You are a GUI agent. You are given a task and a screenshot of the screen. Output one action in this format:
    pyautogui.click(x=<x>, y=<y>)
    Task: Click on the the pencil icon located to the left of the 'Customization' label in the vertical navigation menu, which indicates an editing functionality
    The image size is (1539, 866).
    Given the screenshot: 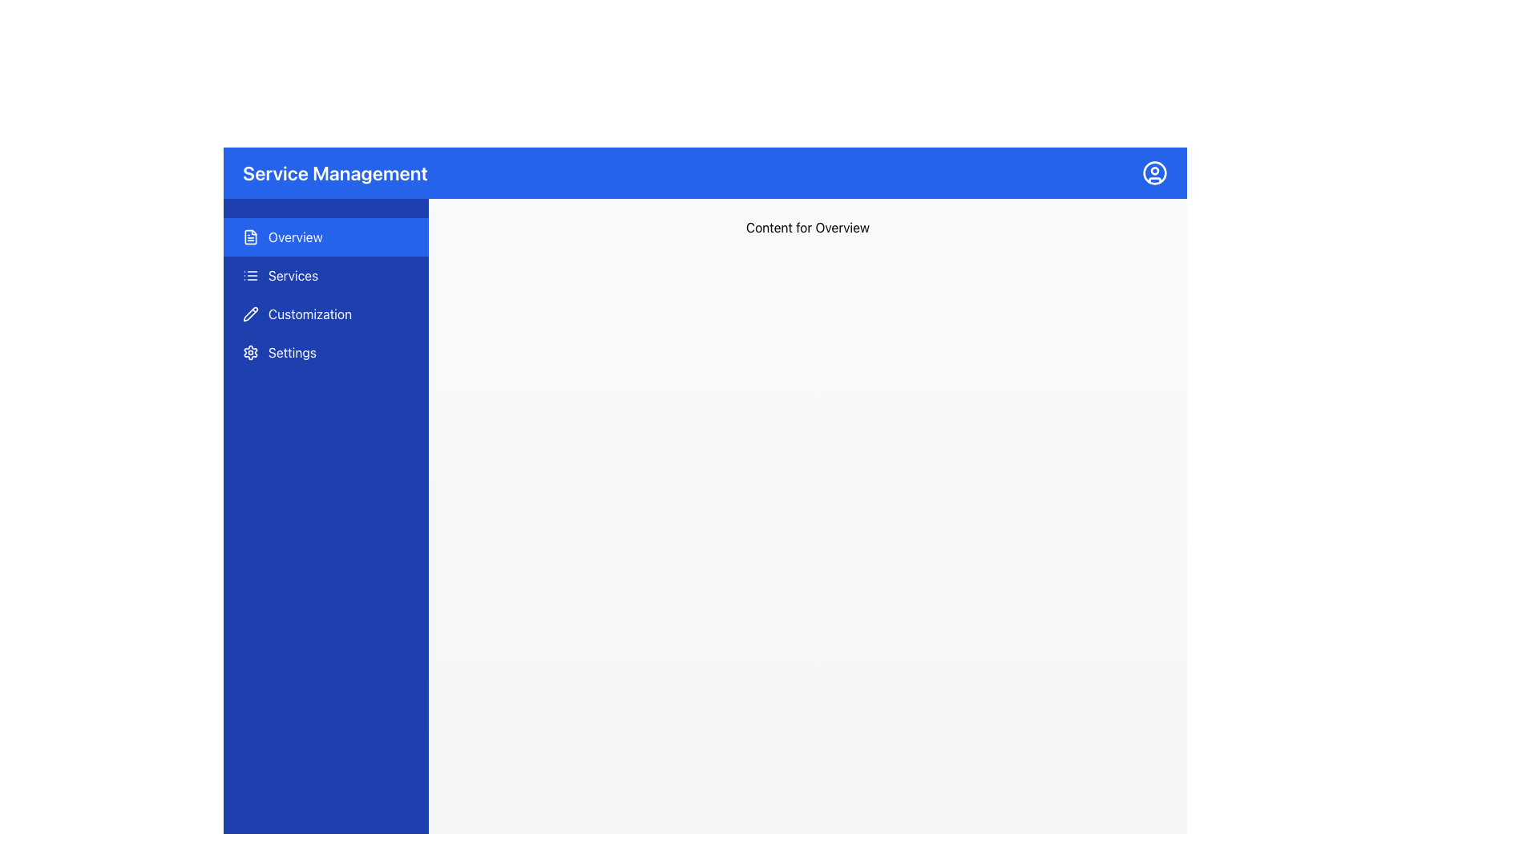 What is the action you would take?
    pyautogui.click(x=249, y=314)
    